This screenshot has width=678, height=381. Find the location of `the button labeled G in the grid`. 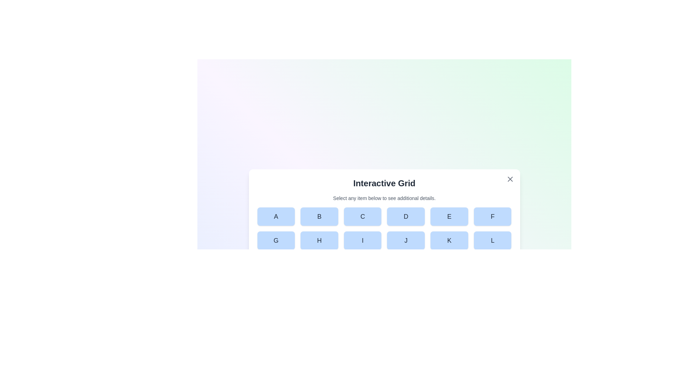

the button labeled G in the grid is located at coordinates (275, 240).